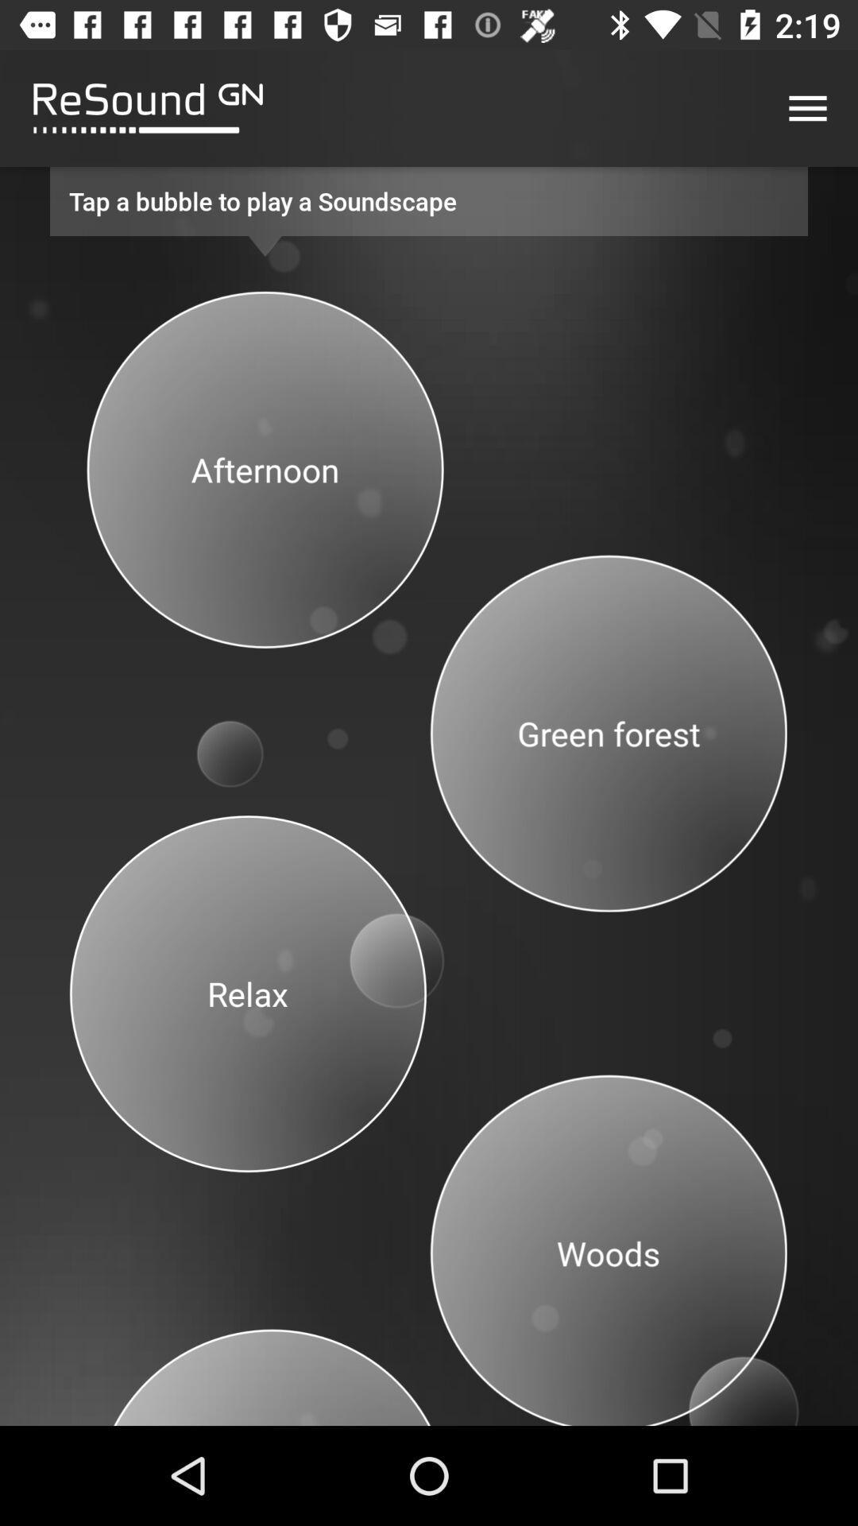  Describe the element at coordinates (236, 738) in the screenshot. I see `the bubble which is in between afternoon and relax` at that location.